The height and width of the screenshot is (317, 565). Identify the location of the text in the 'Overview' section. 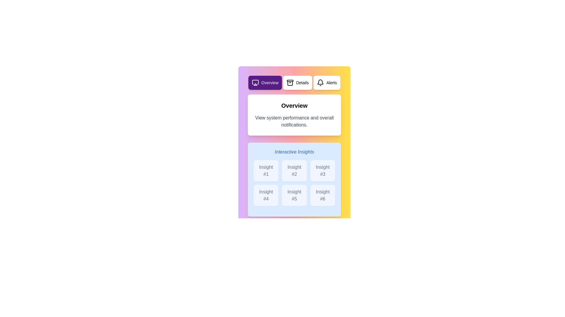
(294, 115).